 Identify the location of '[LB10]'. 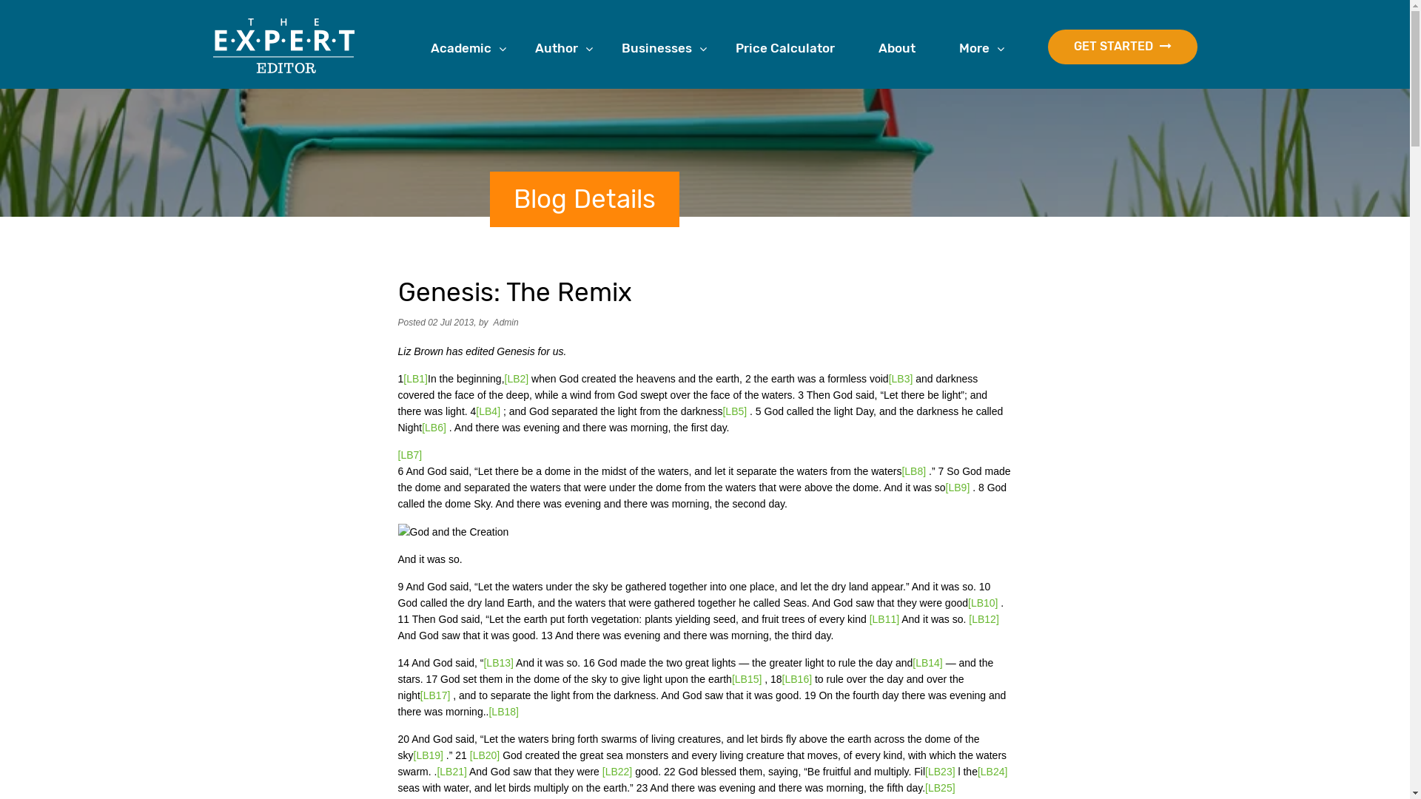
(983, 602).